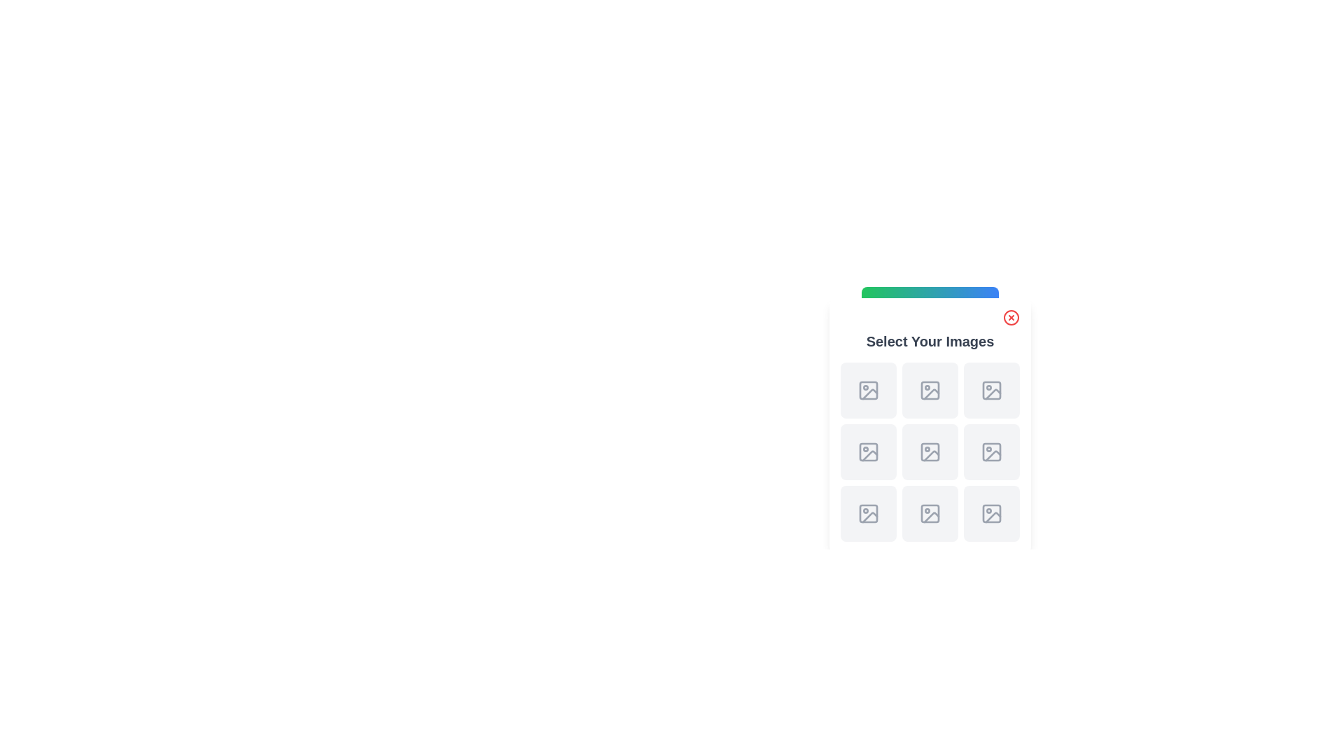  I want to click on the button in the middle column of the first row within the 'Select Your Images' panel, so click(930, 391).